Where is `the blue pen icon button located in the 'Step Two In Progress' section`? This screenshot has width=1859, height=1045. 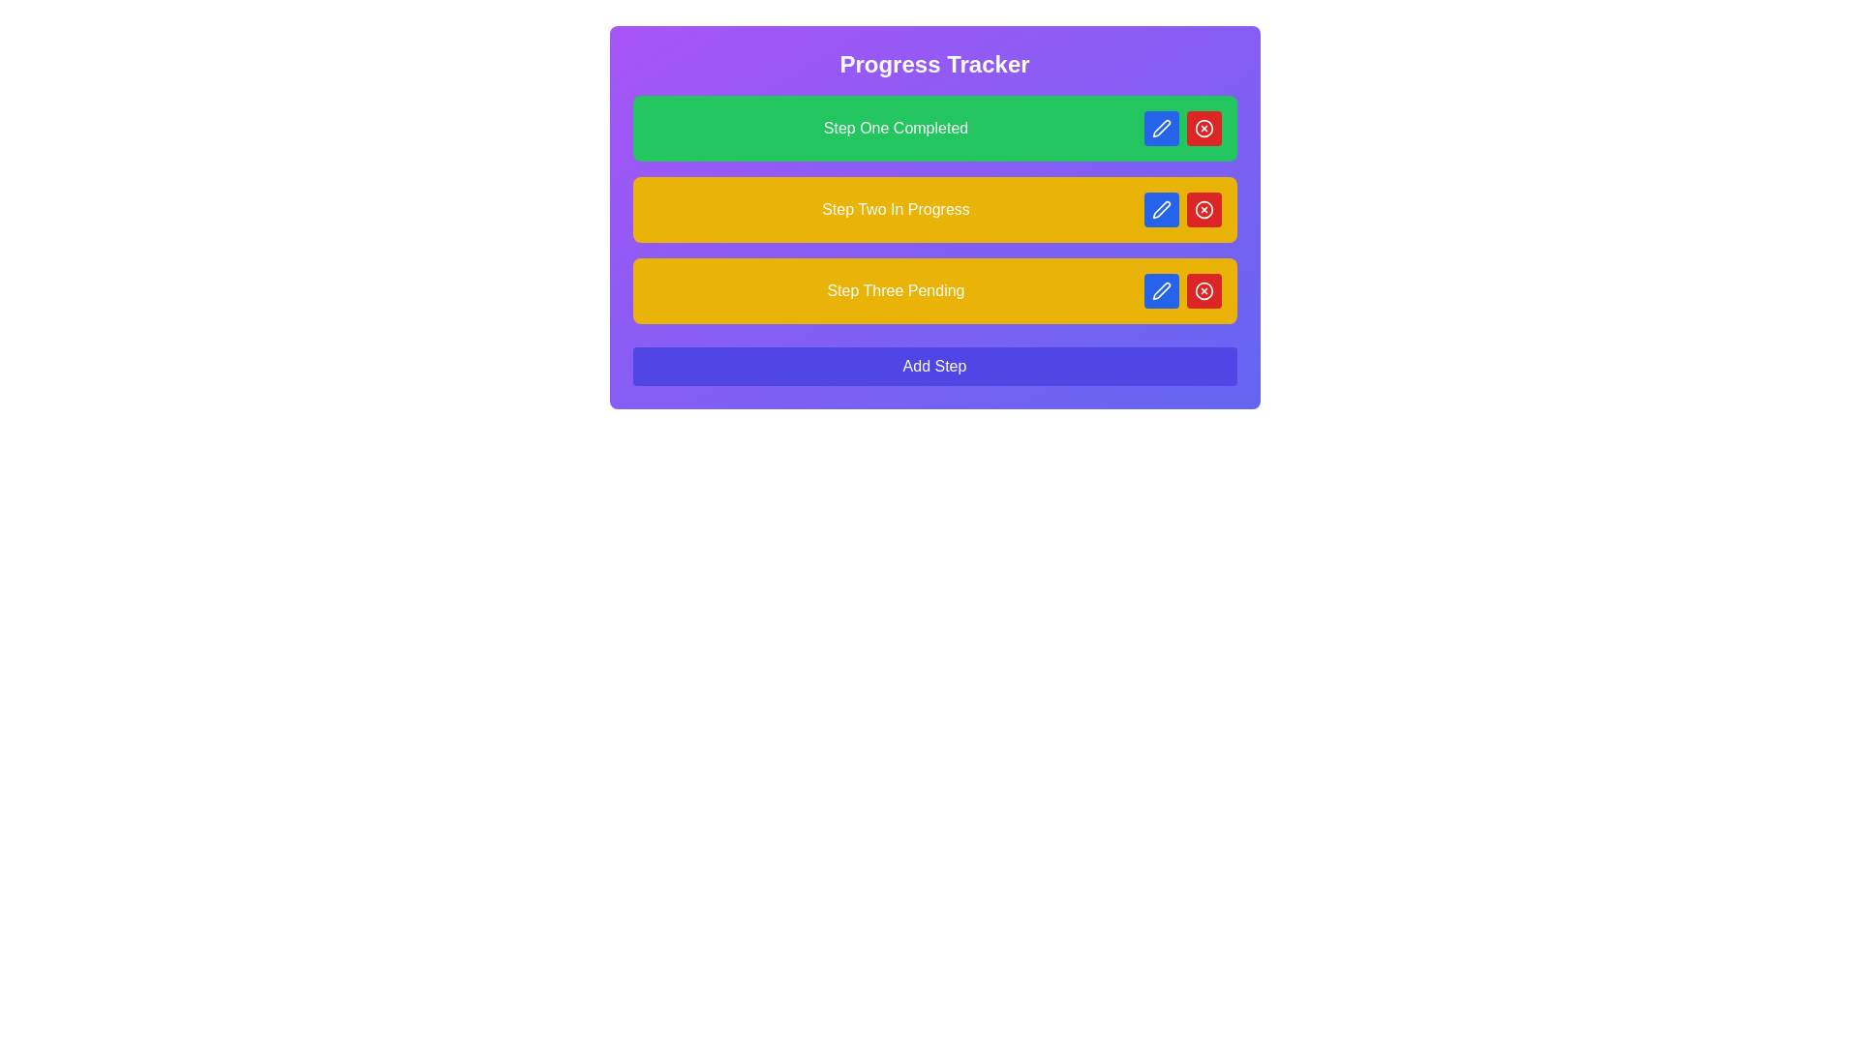
the blue pen icon button located in the 'Step Two In Progress' section is located at coordinates (1161, 209).